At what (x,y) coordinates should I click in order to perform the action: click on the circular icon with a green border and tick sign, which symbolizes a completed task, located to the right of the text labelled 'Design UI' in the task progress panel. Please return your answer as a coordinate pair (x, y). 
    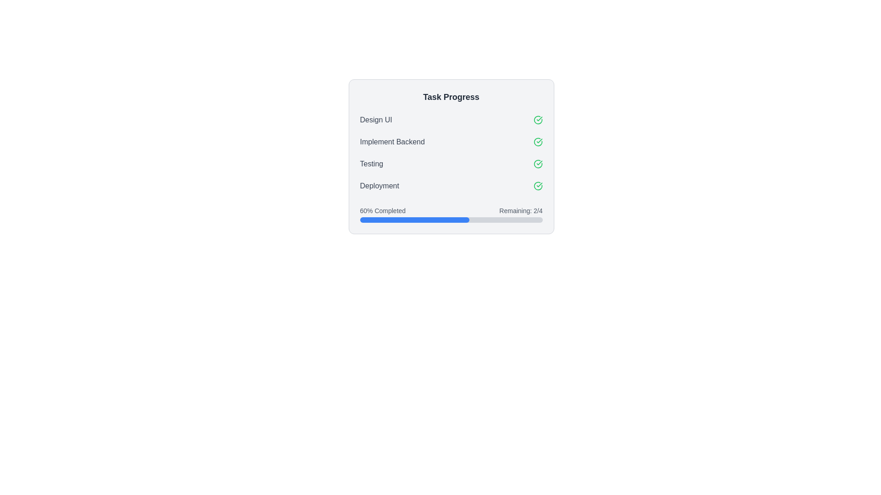
    Looking at the image, I should click on (538, 120).